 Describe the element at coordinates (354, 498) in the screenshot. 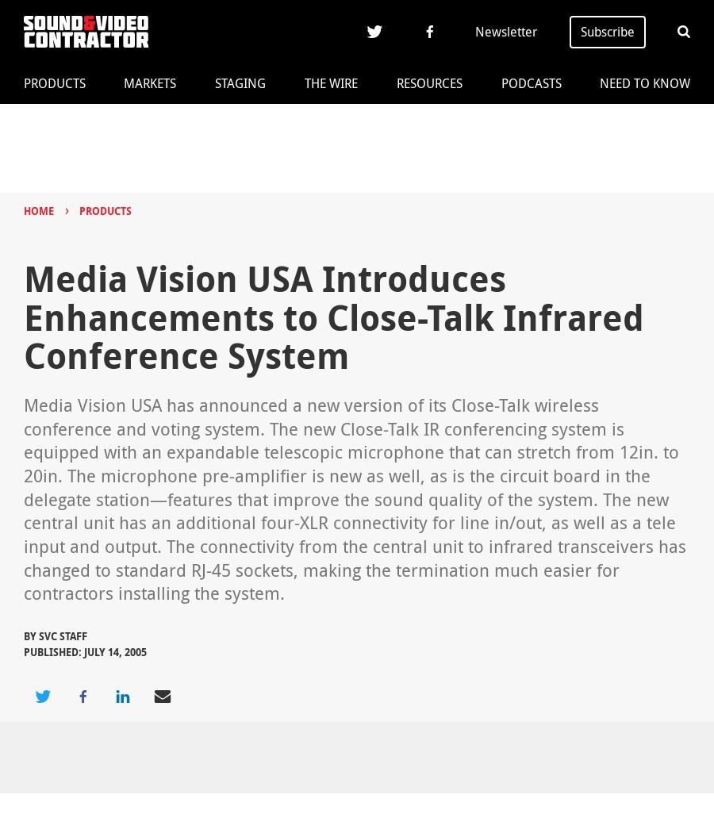

I see `'Media Vision USA has announced a new version of its Close-Talk wireless conference and voting system. The new Close-Talk IR conferencing system is equipped with an expandable telescopic microphone that can stretch from 12in. to 20in.

The microphone pre-amplifier is new as well, as is the circuit board in the delegate station—features that improve the sound quality of the system. The new central unit has an additional four-XLR connectivity for line in/out, as well as a tele input and output. The connectivity from the central unit to infrared transceivers has changed to standard RJ-45 sockets, making the termination much easier for contractors installing the system.'` at that location.